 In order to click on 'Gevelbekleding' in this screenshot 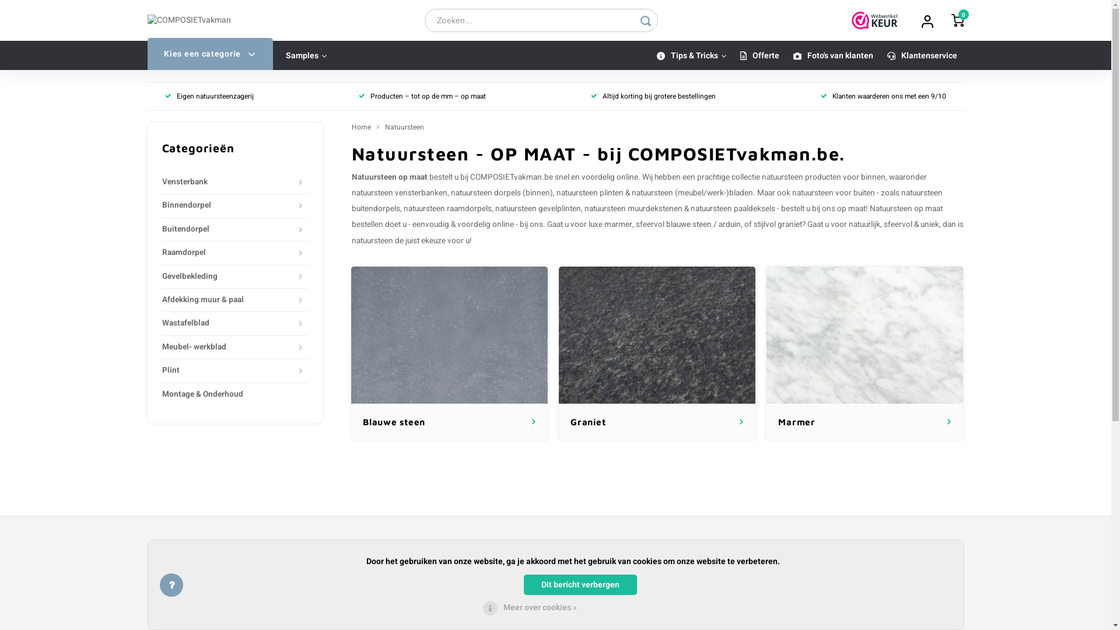, I will do `click(228, 276)`.